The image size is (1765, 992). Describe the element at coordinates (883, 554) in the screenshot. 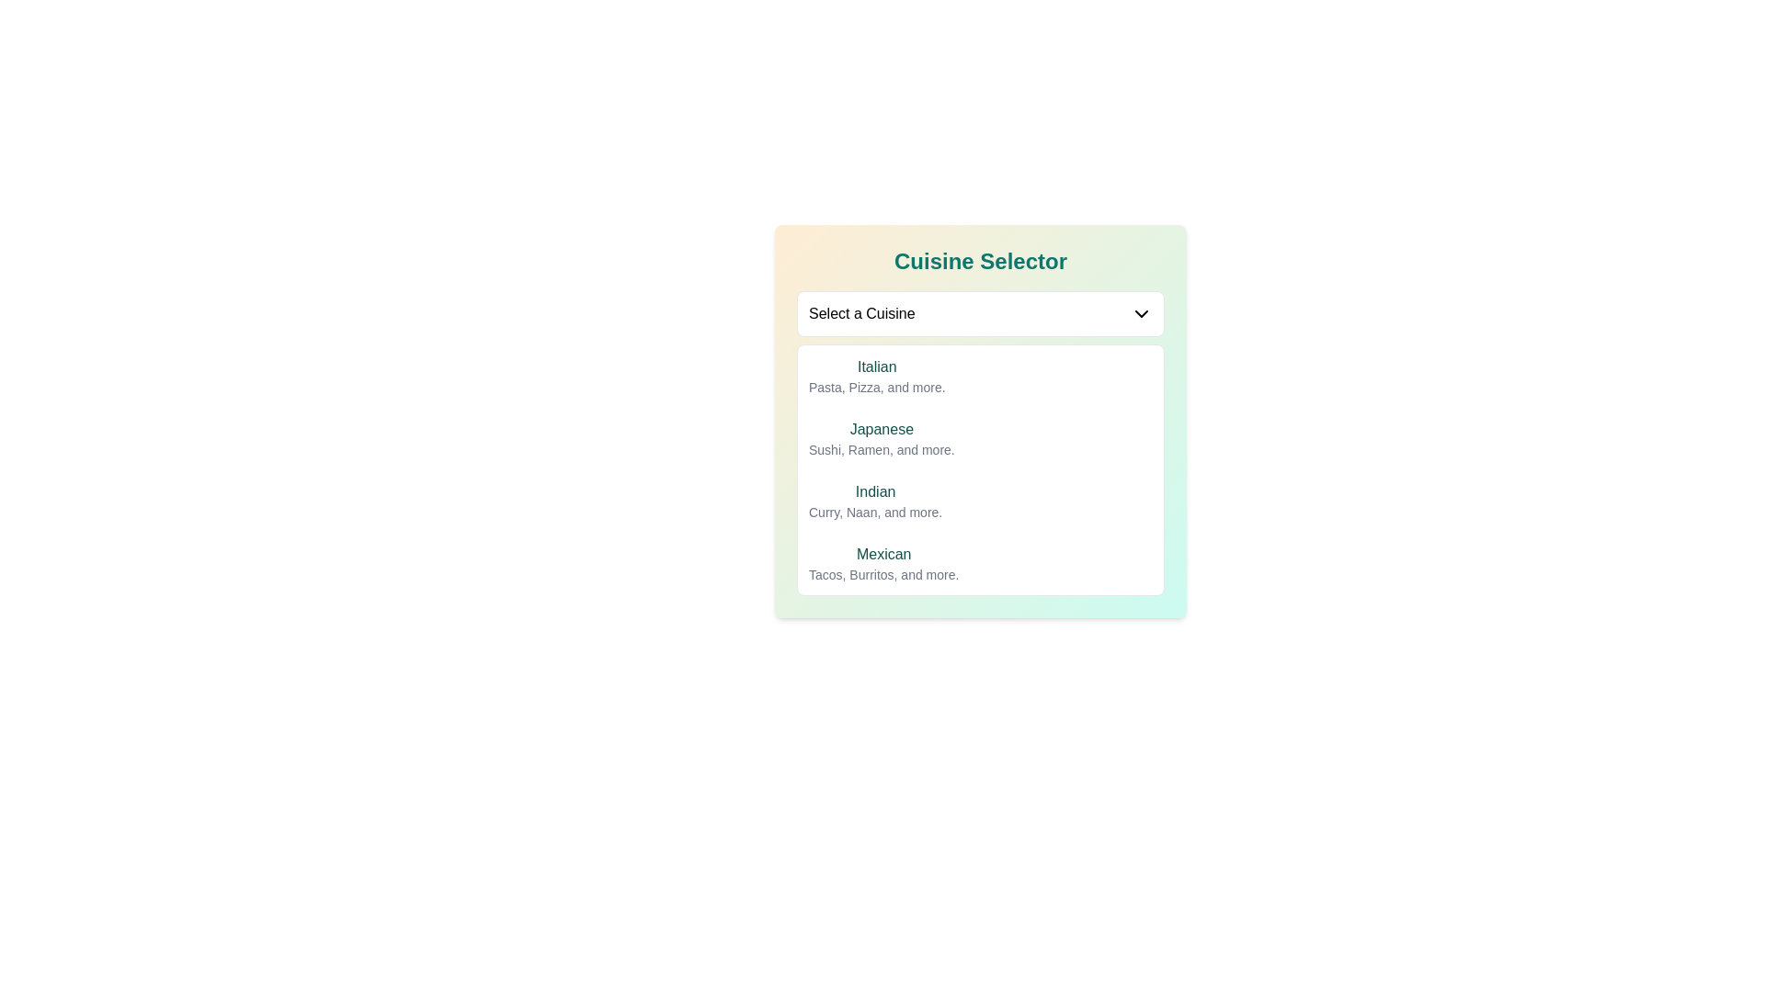

I see `the text label displaying 'Mexican', which is styled in a medium-sized teal-blue font and is positioned above a smaller gray description text within the fourth item of a dropdown menu` at that location.